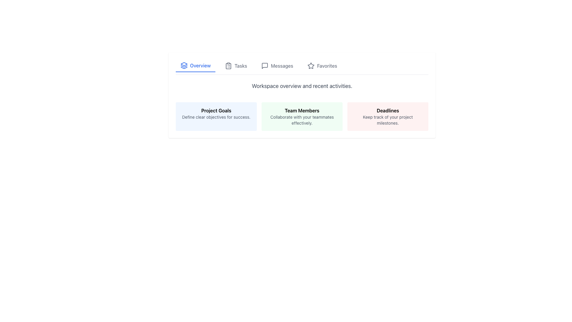 The image size is (572, 322). What do you see at coordinates (241, 66) in the screenshot?
I see `the 'Tasks' text label located in the top navigation bar, which serves as a link to the tasks section of the application` at bounding box center [241, 66].